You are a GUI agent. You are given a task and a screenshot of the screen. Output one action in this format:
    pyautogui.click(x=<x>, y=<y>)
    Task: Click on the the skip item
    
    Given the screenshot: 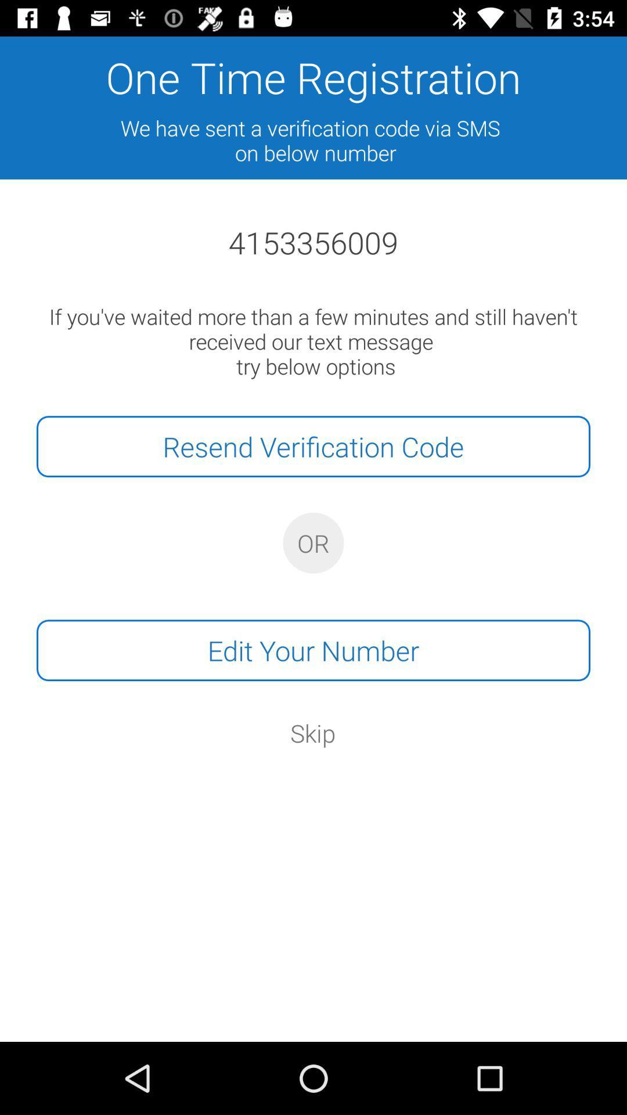 What is the action you would take?
    pyautogui.click(x=312, y=732)
    